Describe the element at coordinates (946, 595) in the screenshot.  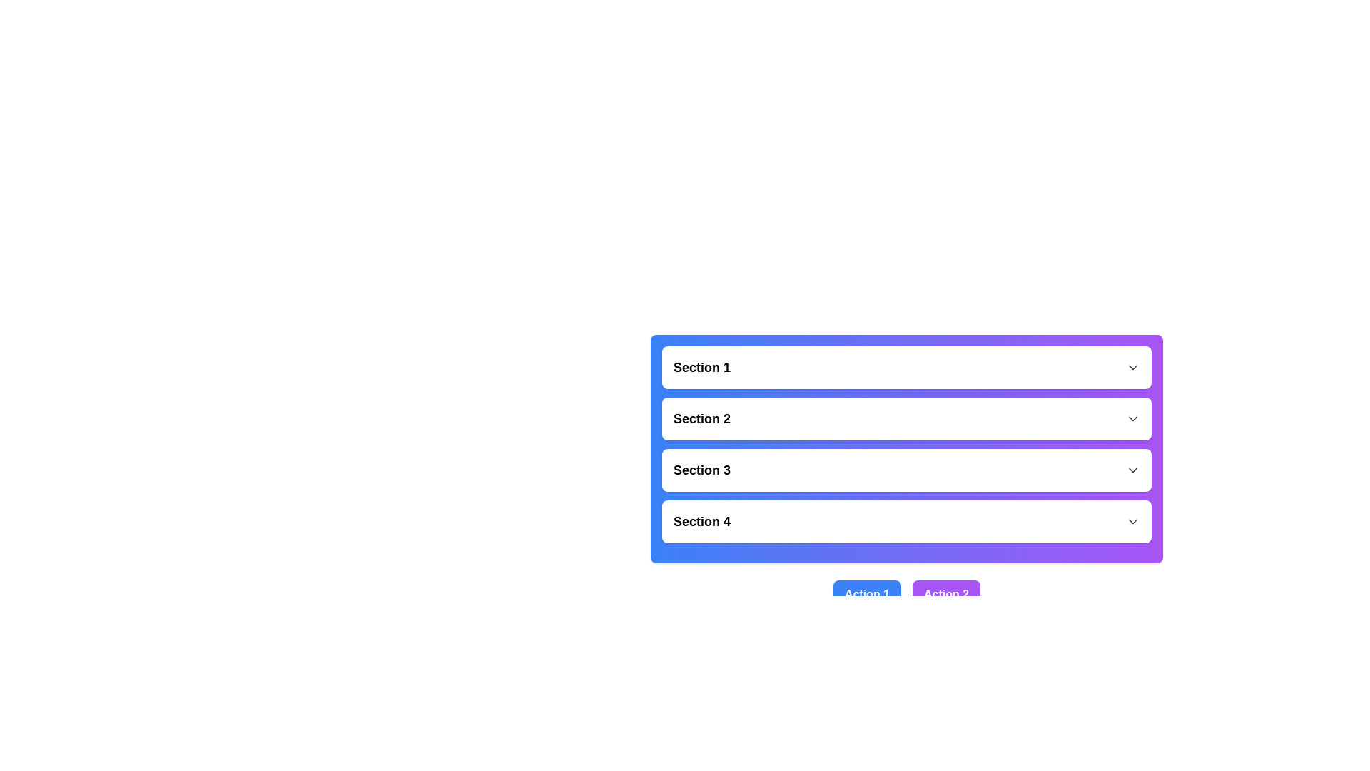
I see `the button labeled 'Action 2' located to the right of the blue button 'Action 1' in the bottom-right quadrant of the interface` at that location.